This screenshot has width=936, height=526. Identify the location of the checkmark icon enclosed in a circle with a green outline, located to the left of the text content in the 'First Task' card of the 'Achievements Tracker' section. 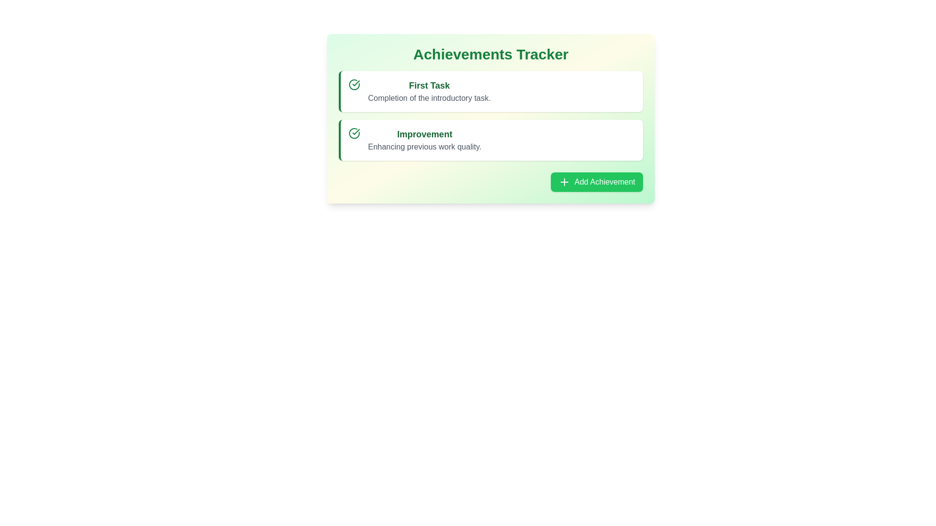
(353, 84).